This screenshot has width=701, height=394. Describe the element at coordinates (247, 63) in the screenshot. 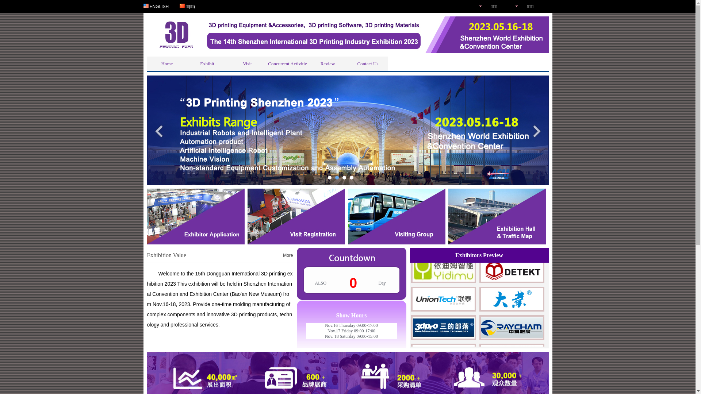

I see `'Visit'` at that location.